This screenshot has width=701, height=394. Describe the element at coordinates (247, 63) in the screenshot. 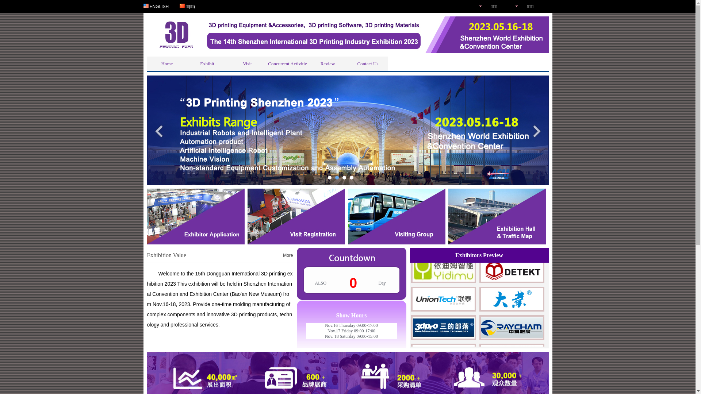

I see `'Visit'` at that location.